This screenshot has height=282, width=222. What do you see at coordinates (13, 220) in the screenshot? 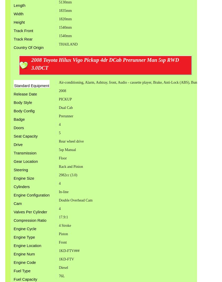
I see `'Compression Ratio'` at bounding box center [13, 220].